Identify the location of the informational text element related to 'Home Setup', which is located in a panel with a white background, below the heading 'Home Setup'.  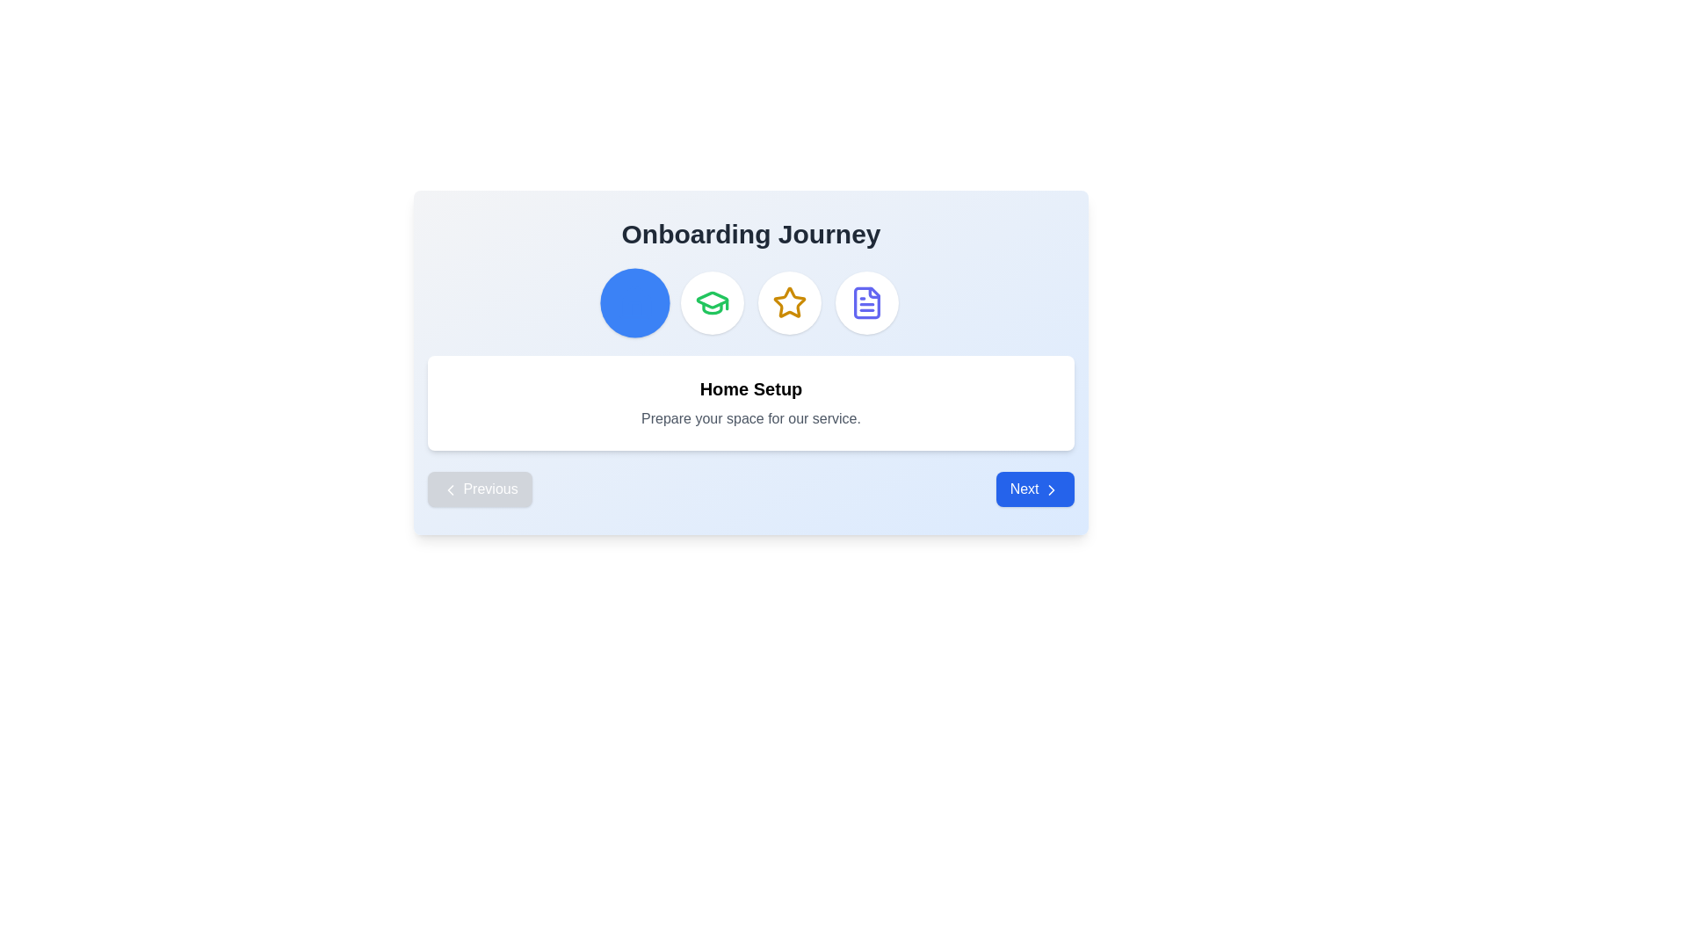
(750, 419).